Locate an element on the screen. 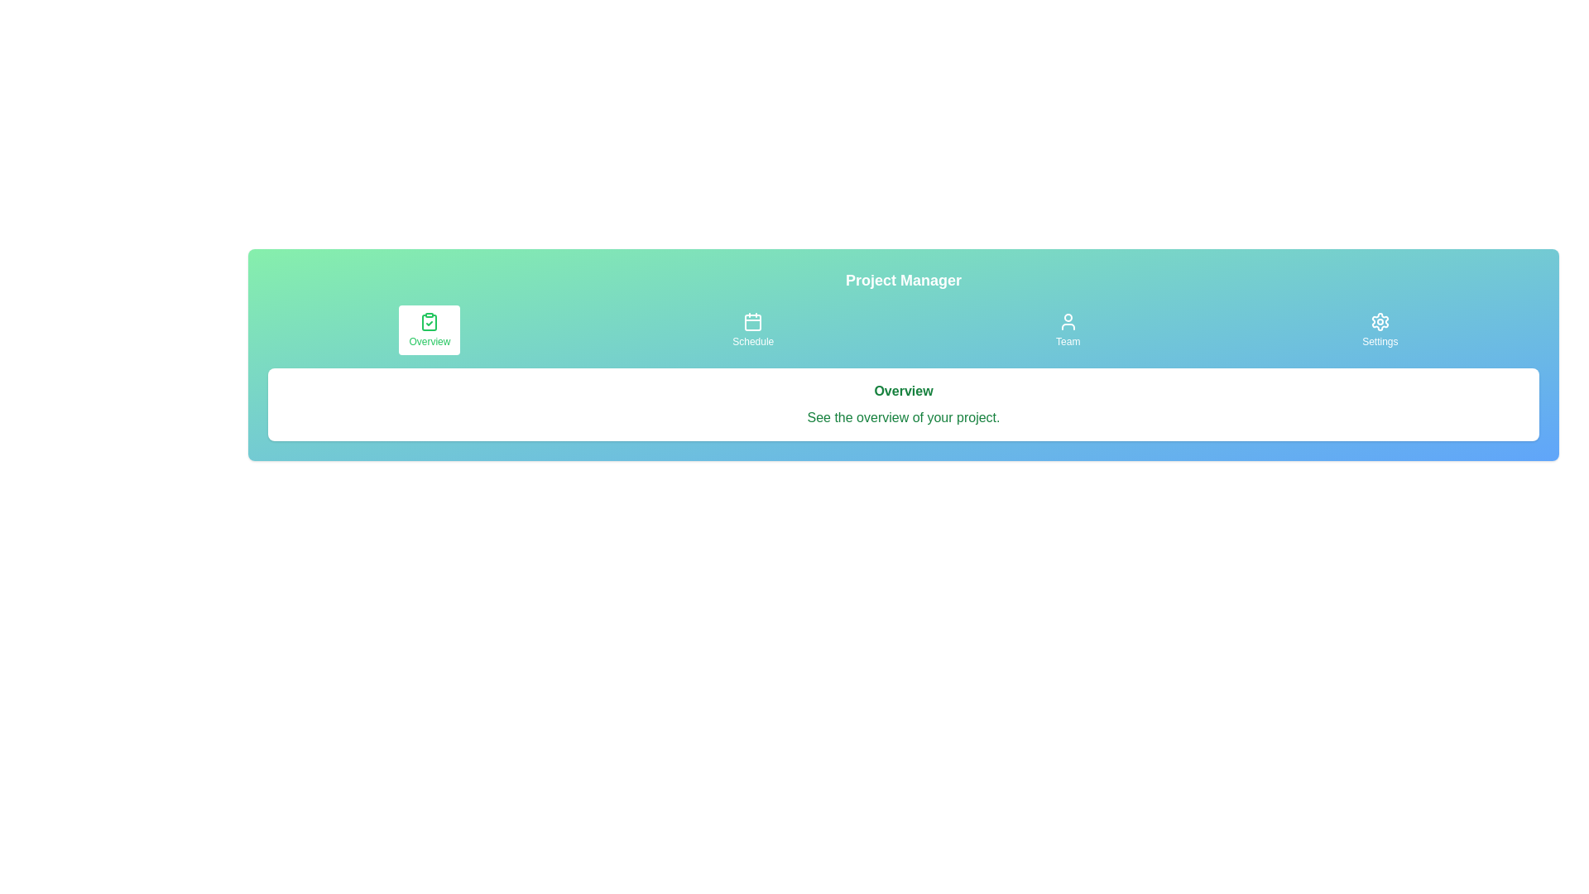 This screenshot has width=1589, height=894. the label that describes the navigation button located below a calendar icon at the upper area of the interface is located at coordinates (752, 340).